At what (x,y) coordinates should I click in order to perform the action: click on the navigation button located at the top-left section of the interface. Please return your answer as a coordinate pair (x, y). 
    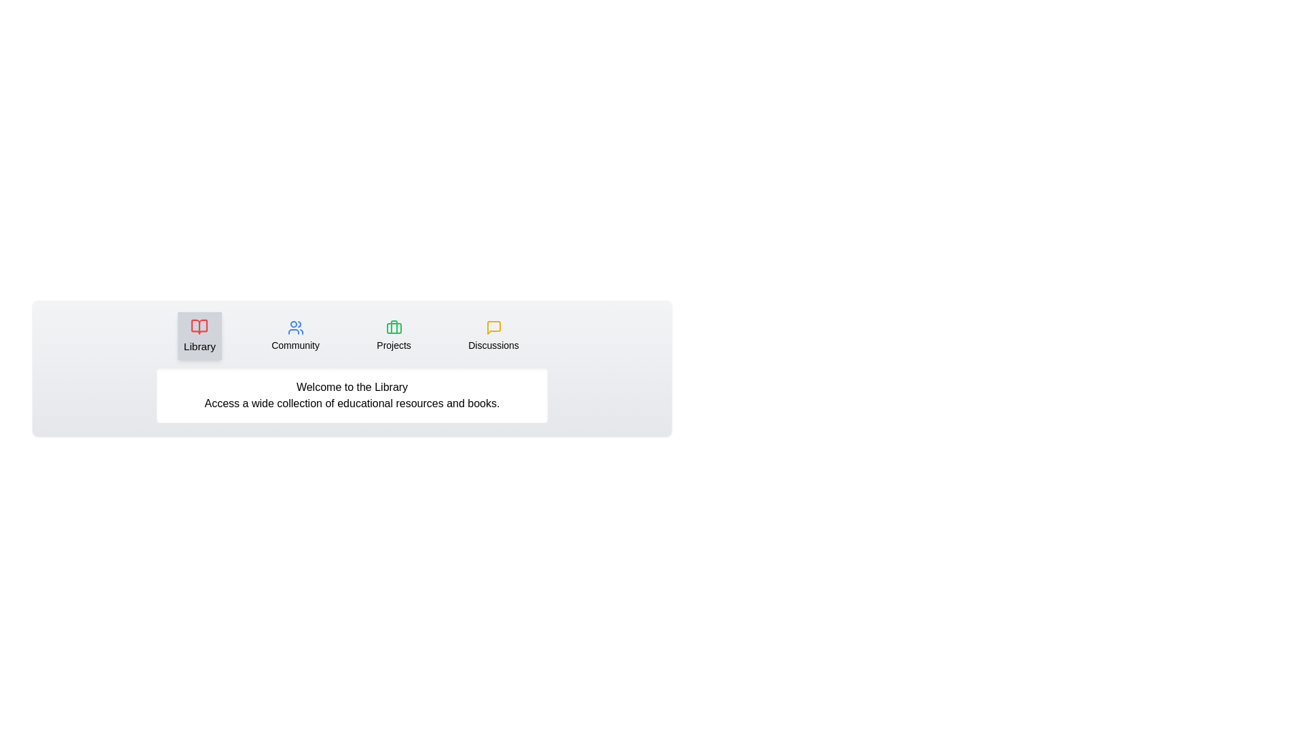
    Looking at the image, I should click on (199, 335).